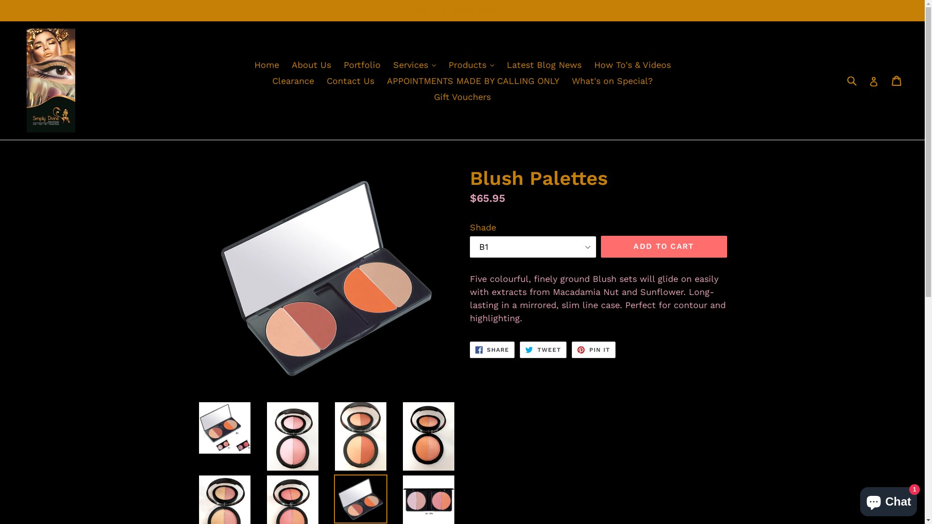 Image resolution: width=932 pixels, height=524 pixels. Describe the element at coordinates (266, 64) in the screenshot. I see `'Home'` at that location.